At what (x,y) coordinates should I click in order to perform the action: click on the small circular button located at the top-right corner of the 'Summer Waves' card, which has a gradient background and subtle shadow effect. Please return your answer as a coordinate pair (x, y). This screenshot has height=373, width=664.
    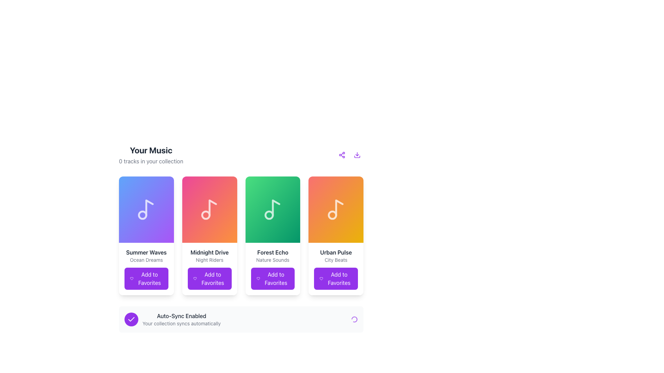
    Looking at the image, I should click on (164, 186).